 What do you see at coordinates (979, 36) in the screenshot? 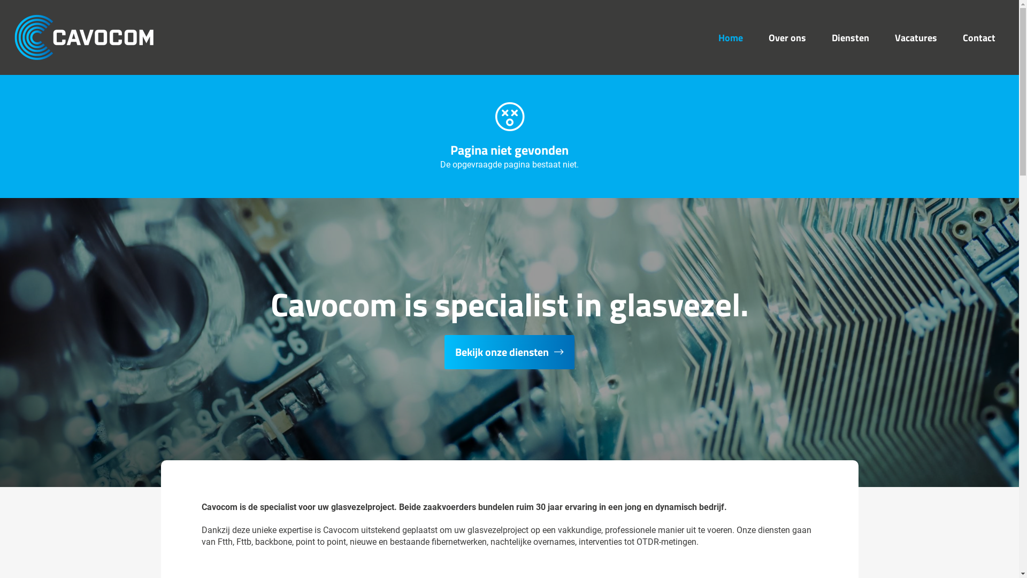
I see `'Contact'` at bounding box center [979, 36].